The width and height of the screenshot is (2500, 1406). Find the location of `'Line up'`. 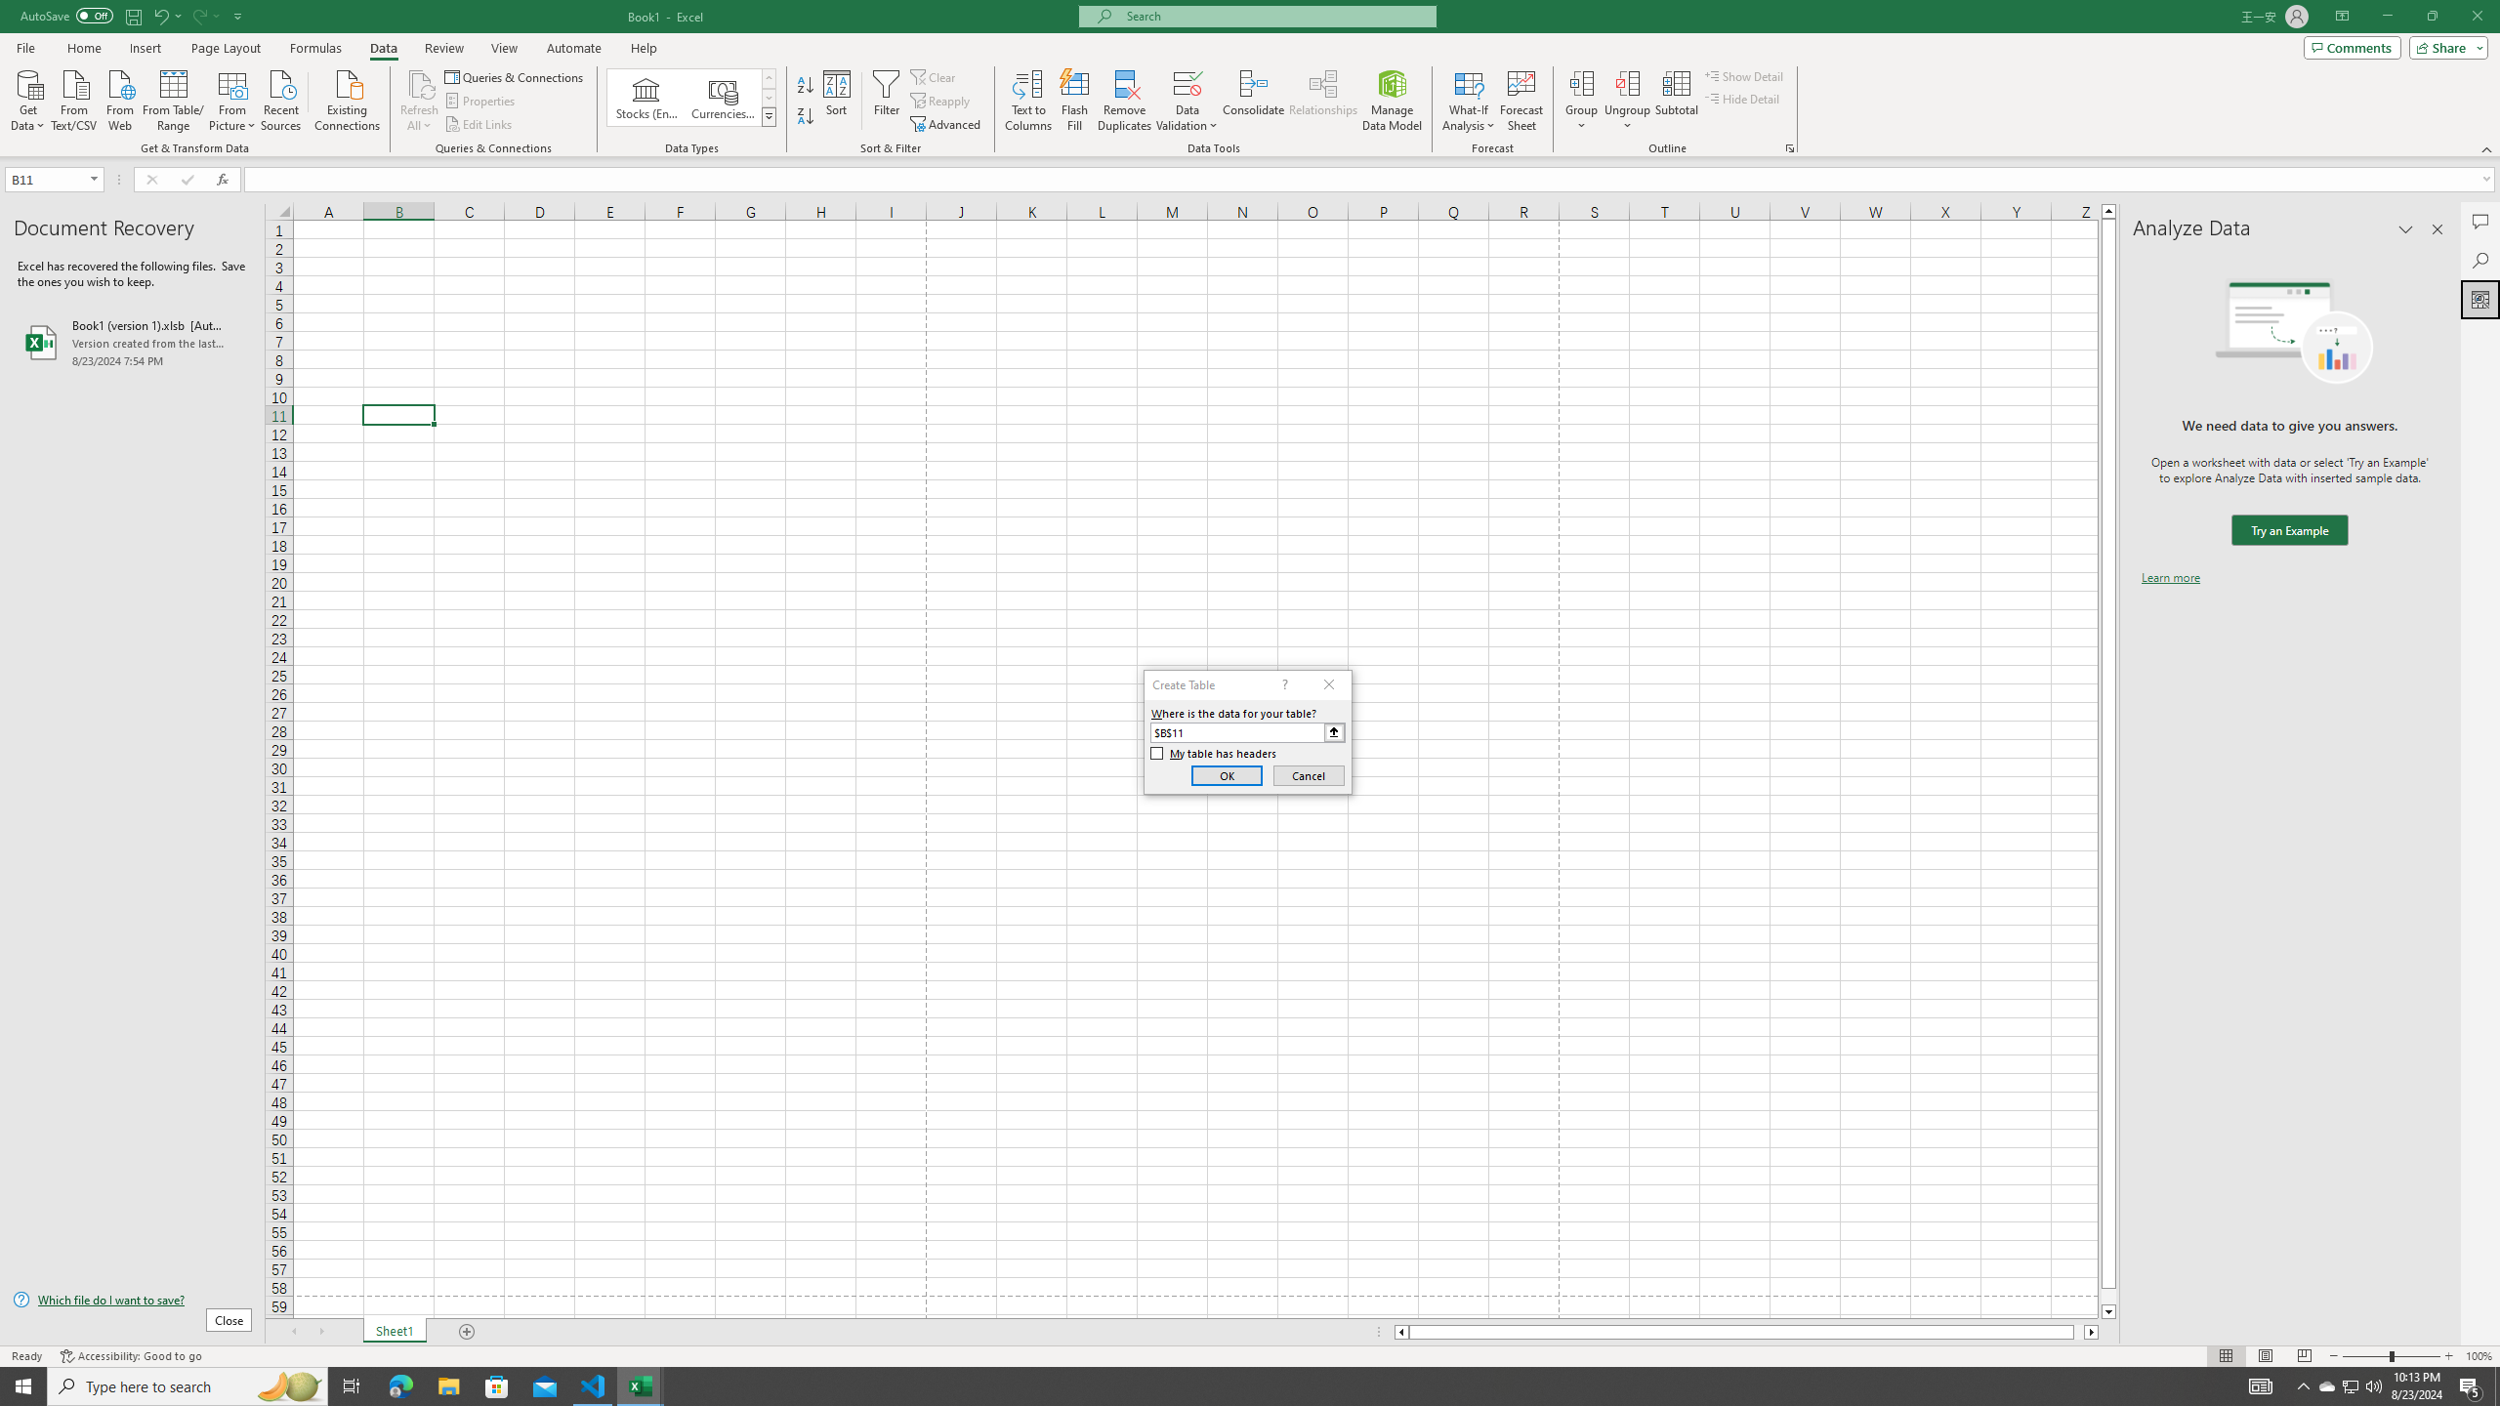

'Line up' is located at coordinates (2108, 210).